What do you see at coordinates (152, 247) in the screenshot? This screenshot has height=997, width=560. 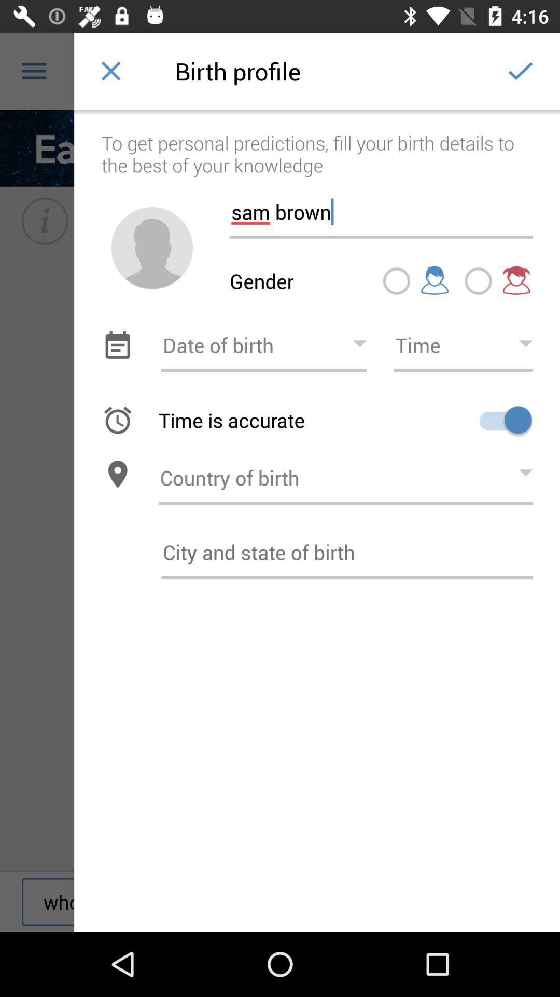 I see `change profile picture` at bounding box center [152, 247].